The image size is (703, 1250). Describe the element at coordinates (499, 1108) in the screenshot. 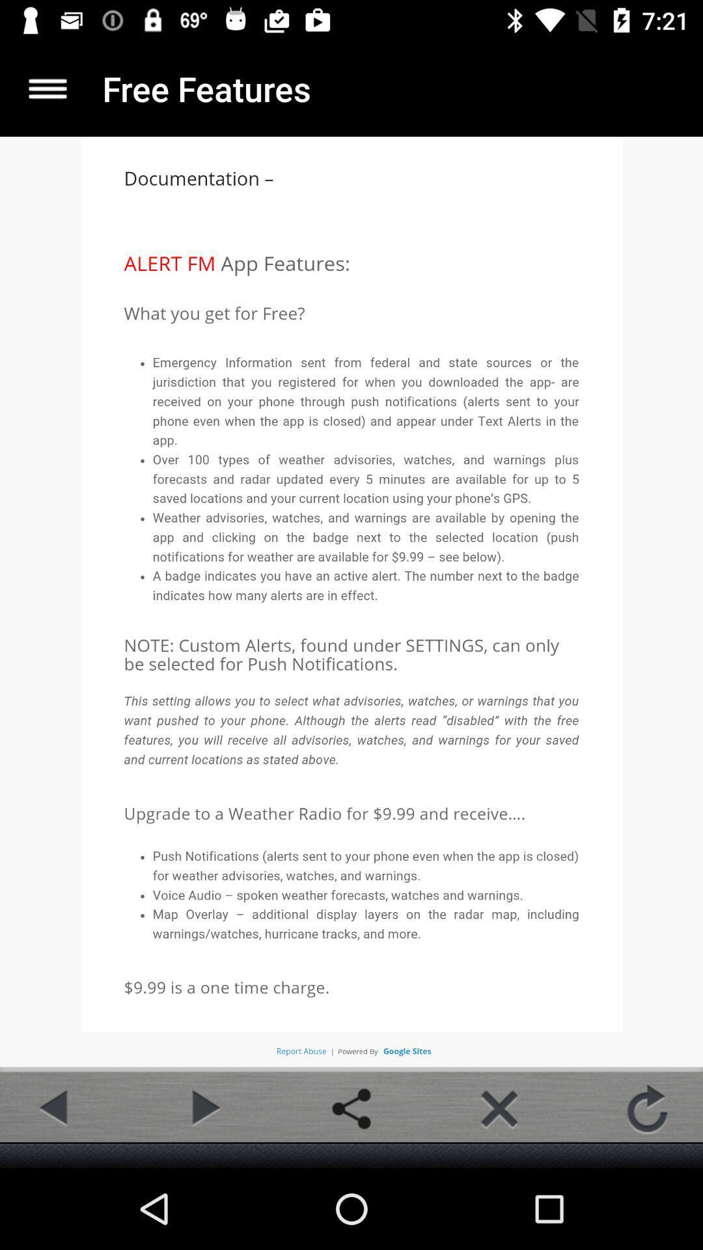

I see `the close icon` at that location.